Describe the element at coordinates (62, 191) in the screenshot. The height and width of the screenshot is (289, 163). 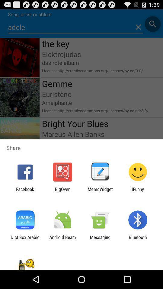
I see `the icon to the right of facebook item` at that location.